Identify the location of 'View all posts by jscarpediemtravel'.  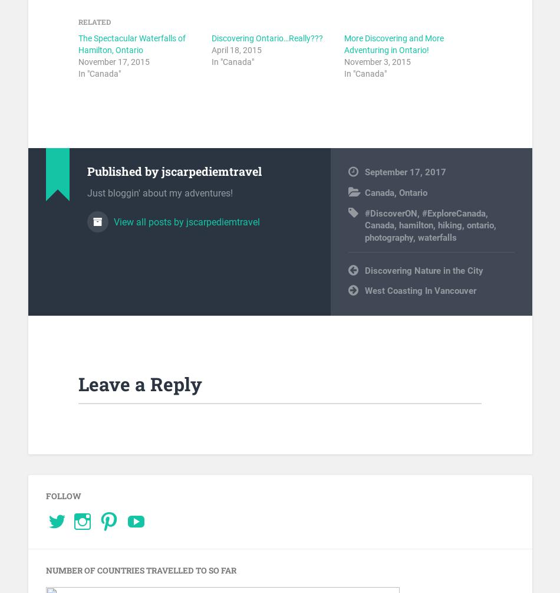
(184, 221).